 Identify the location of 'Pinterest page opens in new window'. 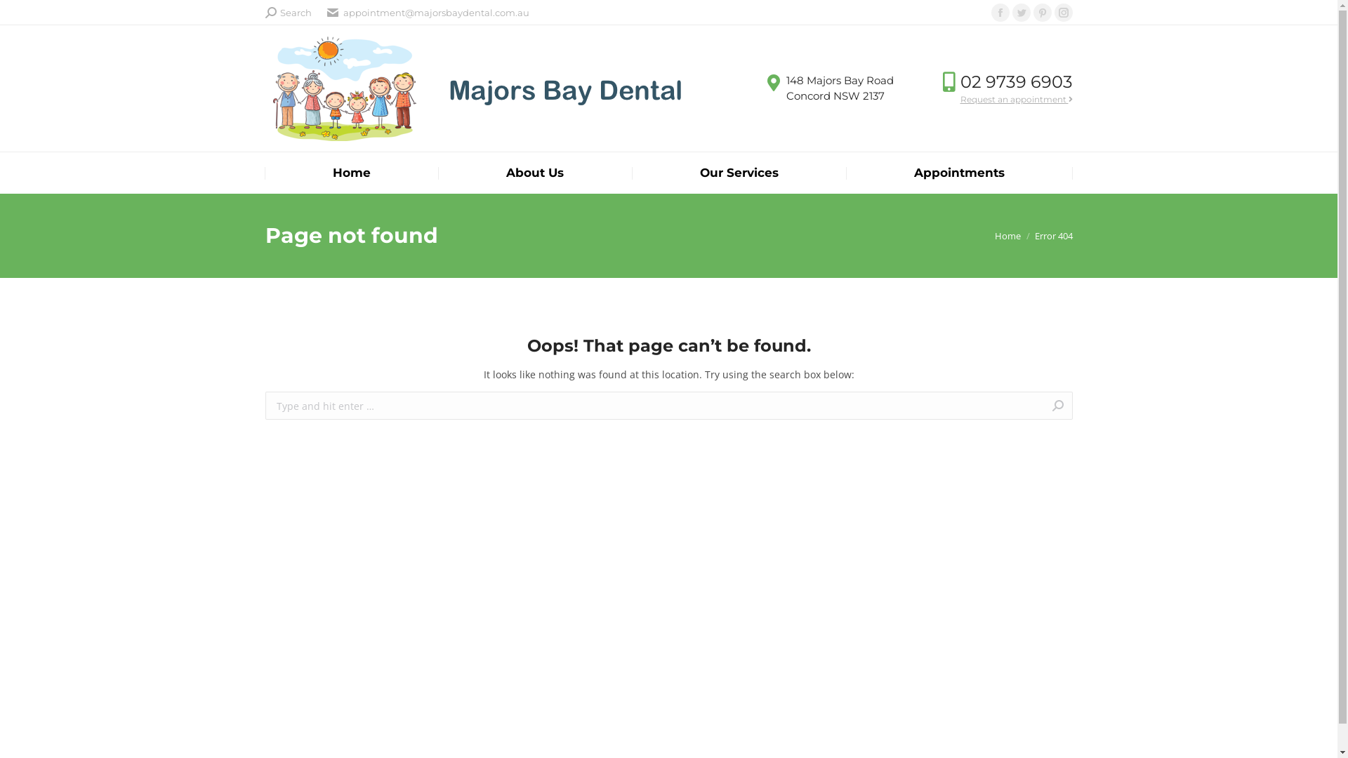
(1042, 13).